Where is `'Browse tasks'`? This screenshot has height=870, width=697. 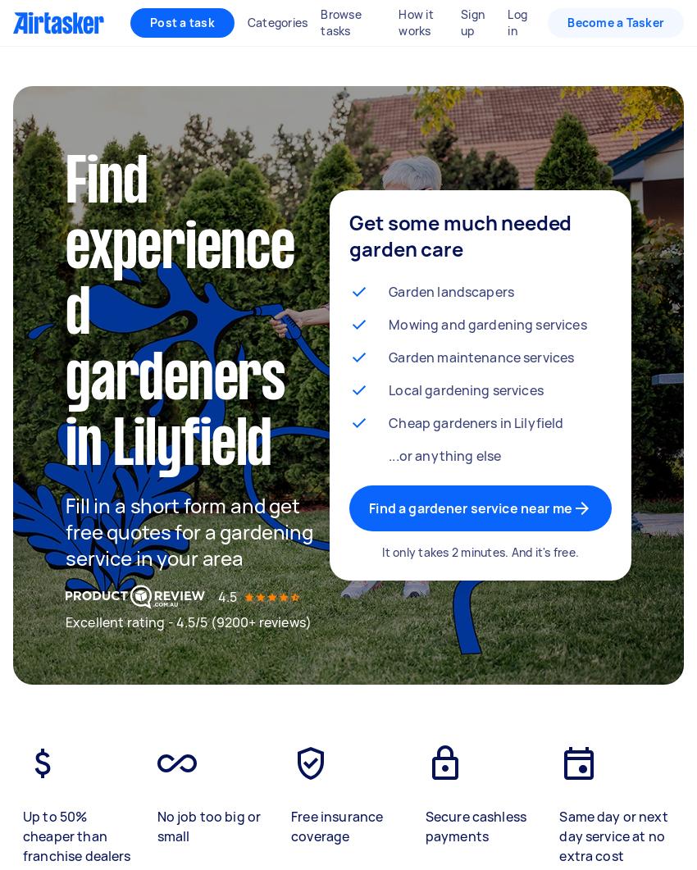
'Browse tasks' is located at coordinates (340, 22).